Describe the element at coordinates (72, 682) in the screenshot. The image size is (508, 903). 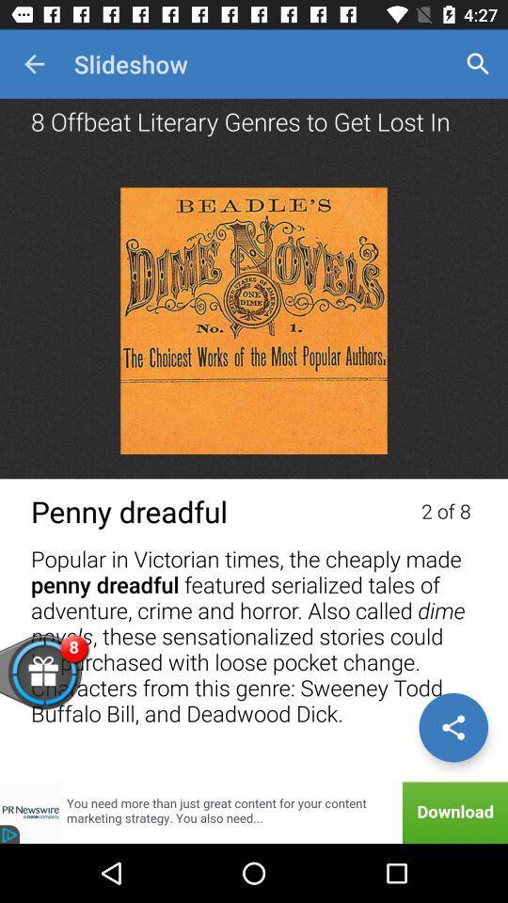
I see `gifts` at that location.